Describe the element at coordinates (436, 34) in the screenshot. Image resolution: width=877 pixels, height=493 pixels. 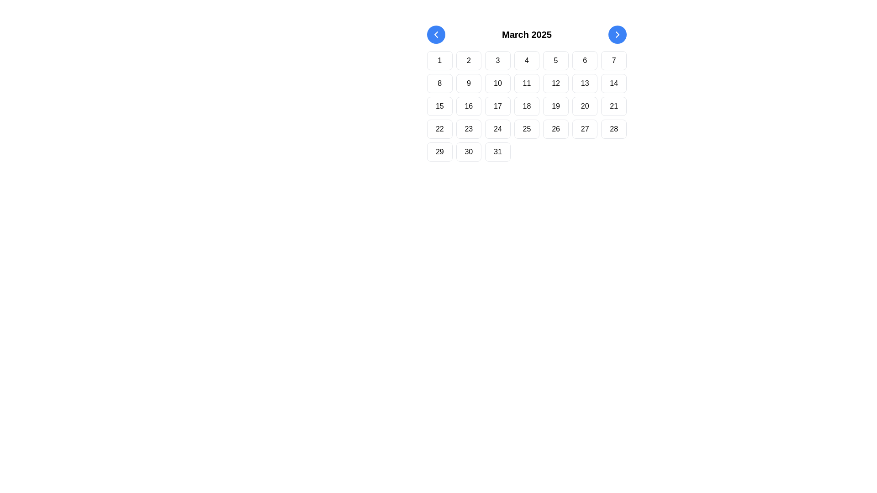
I see `the left arrow icon (Chevron Left) located in a blue circular button at the top left of the calendar interface` at that location.